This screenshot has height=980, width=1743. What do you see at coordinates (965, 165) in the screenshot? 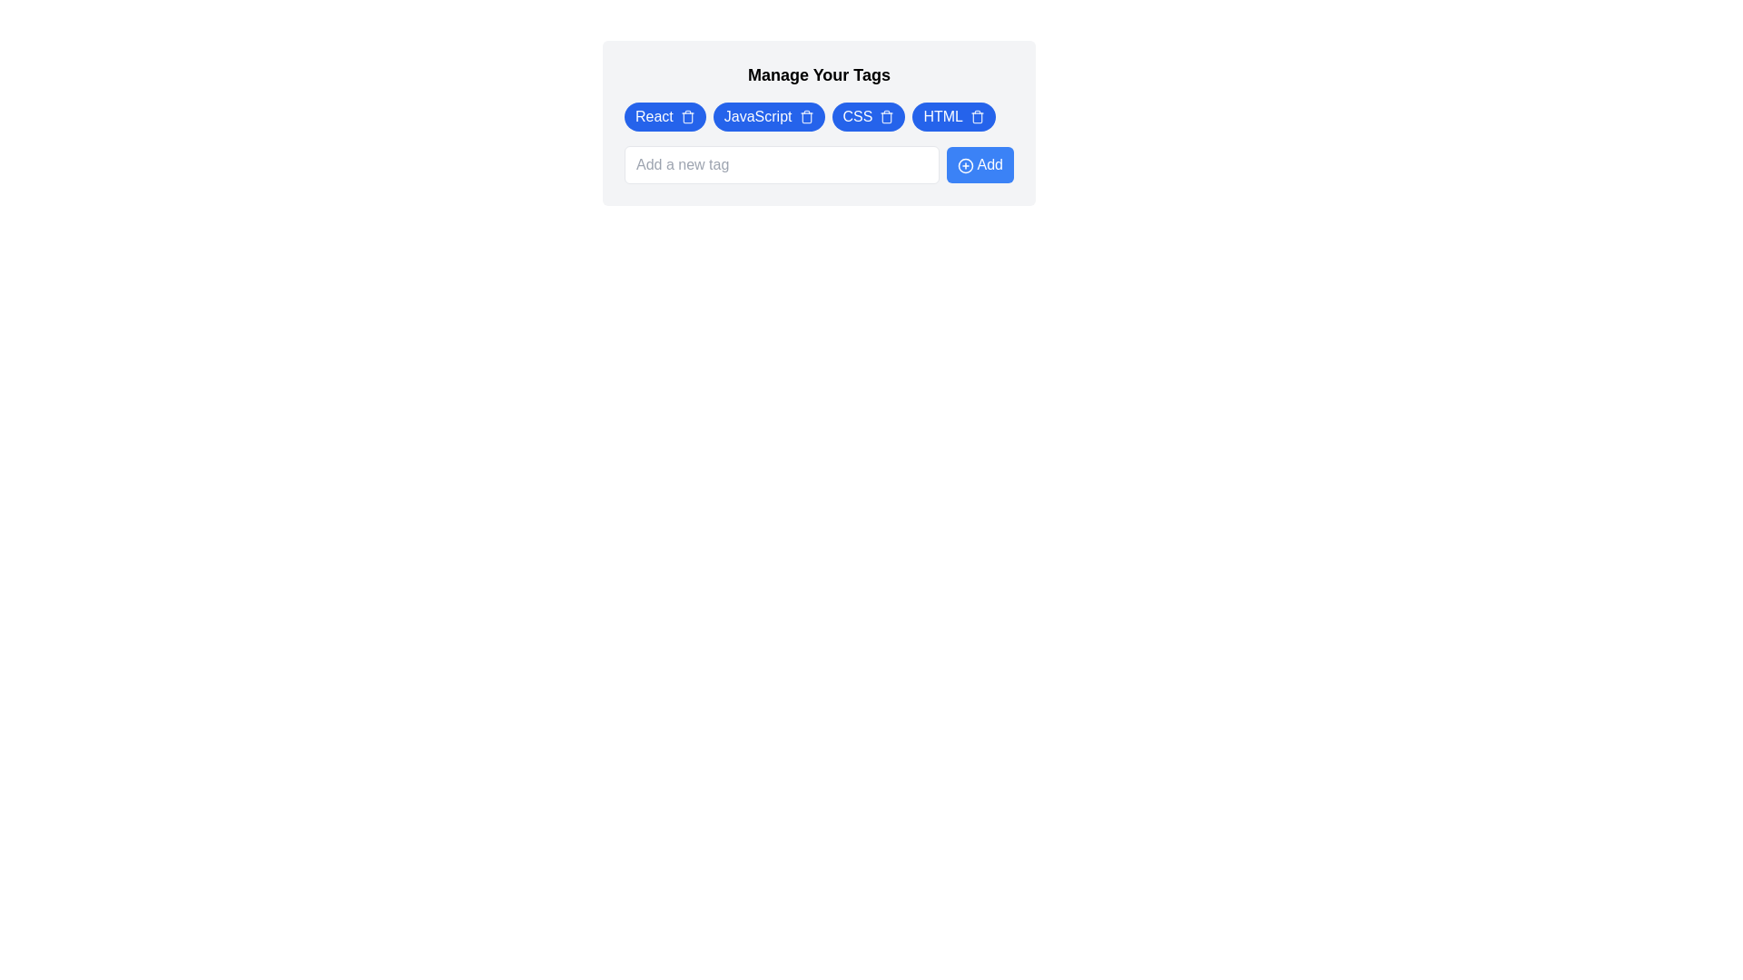
I see `the circular icon with a plus symbol, which is the leftmost component of the 'Add' button` at bounding box center [965, 165].